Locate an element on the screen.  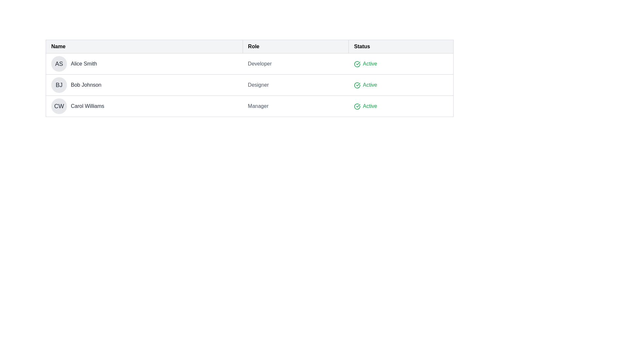
the Avatar placeholder for 'Alice Smith', which is located in the first column of the first row of a table-like layout, to the left of the text 'Alice Smith' is located at coordinates (59, 64).